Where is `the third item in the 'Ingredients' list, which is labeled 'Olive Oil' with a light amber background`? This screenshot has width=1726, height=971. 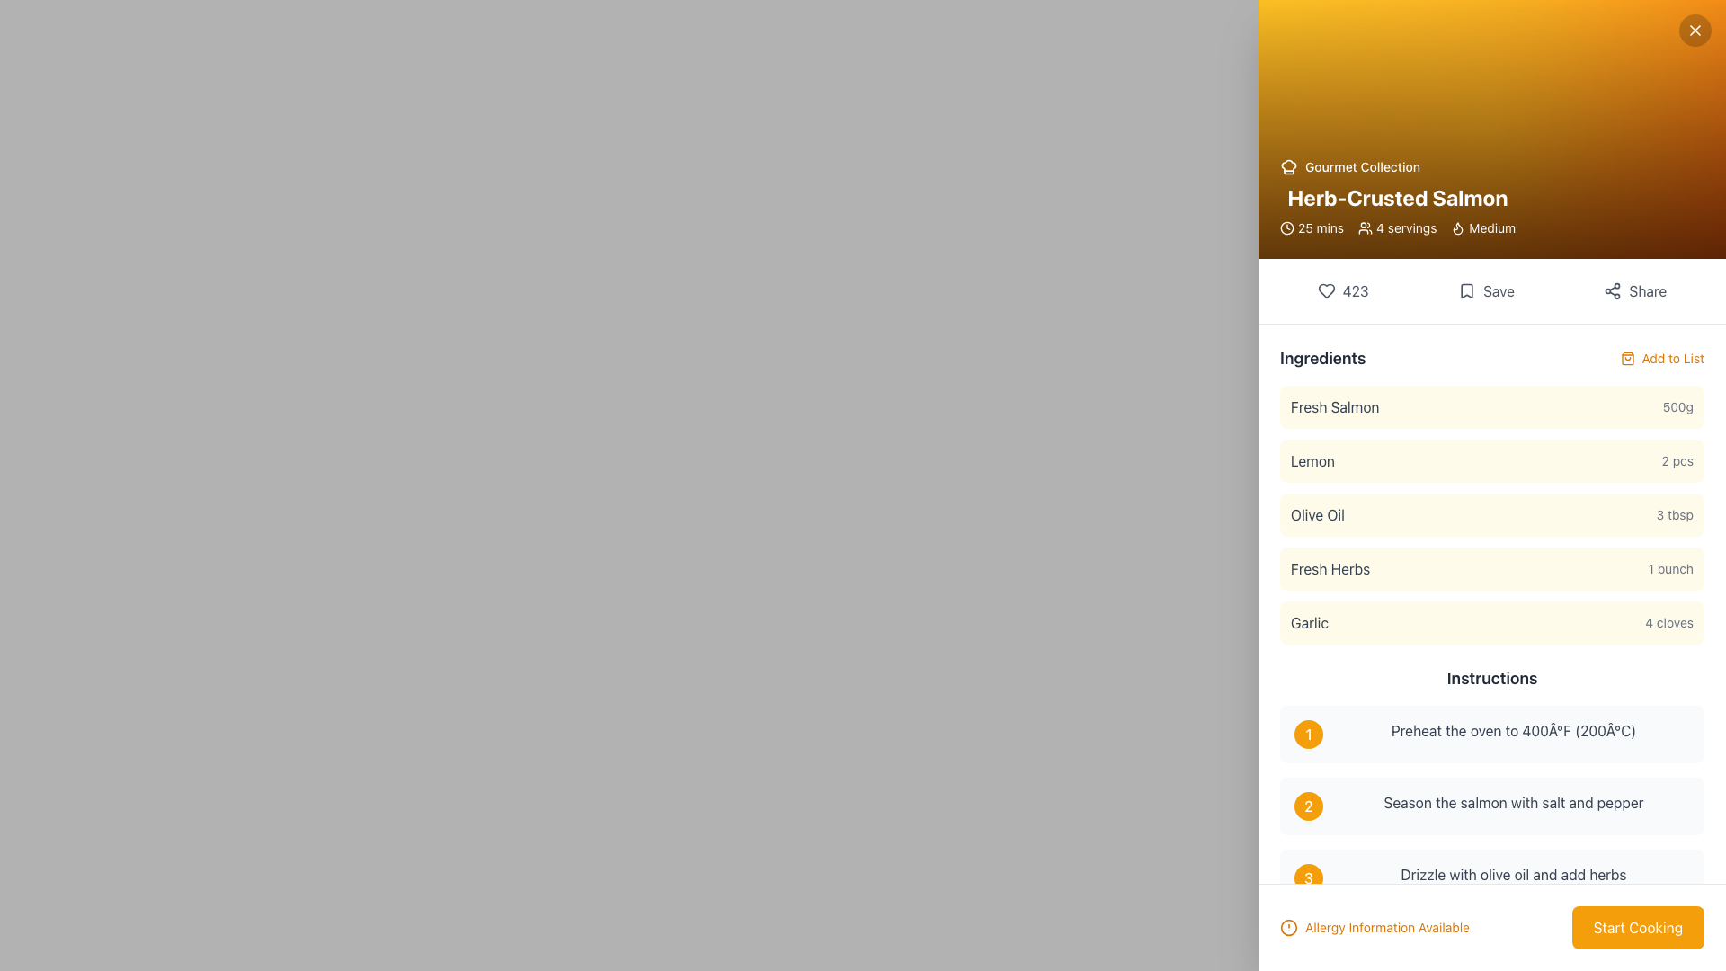
the third item in the 'Ingredients' list, which is labeled 'Olive Oil' with a light amber background is located at coordinates (1492, 515).